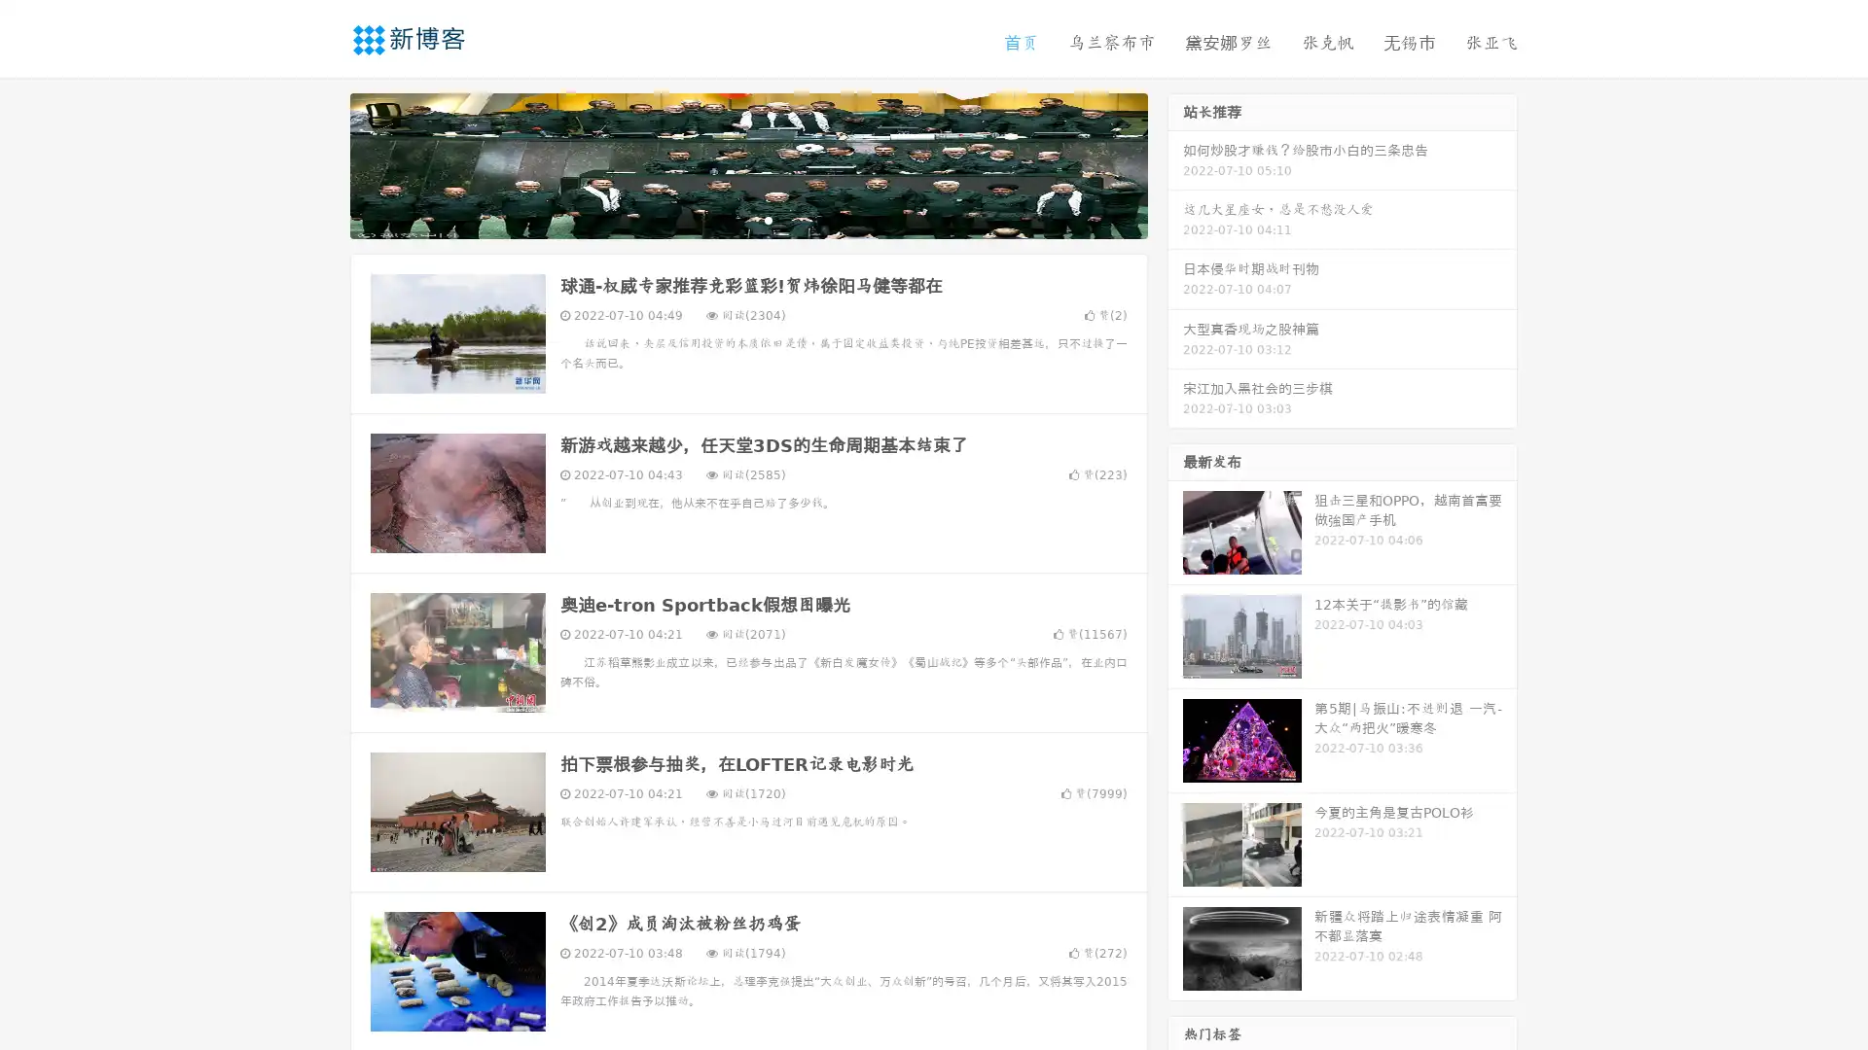 This screenshot has height=1050, width=1868. I want to click on Next slide, so click(1175, 163).